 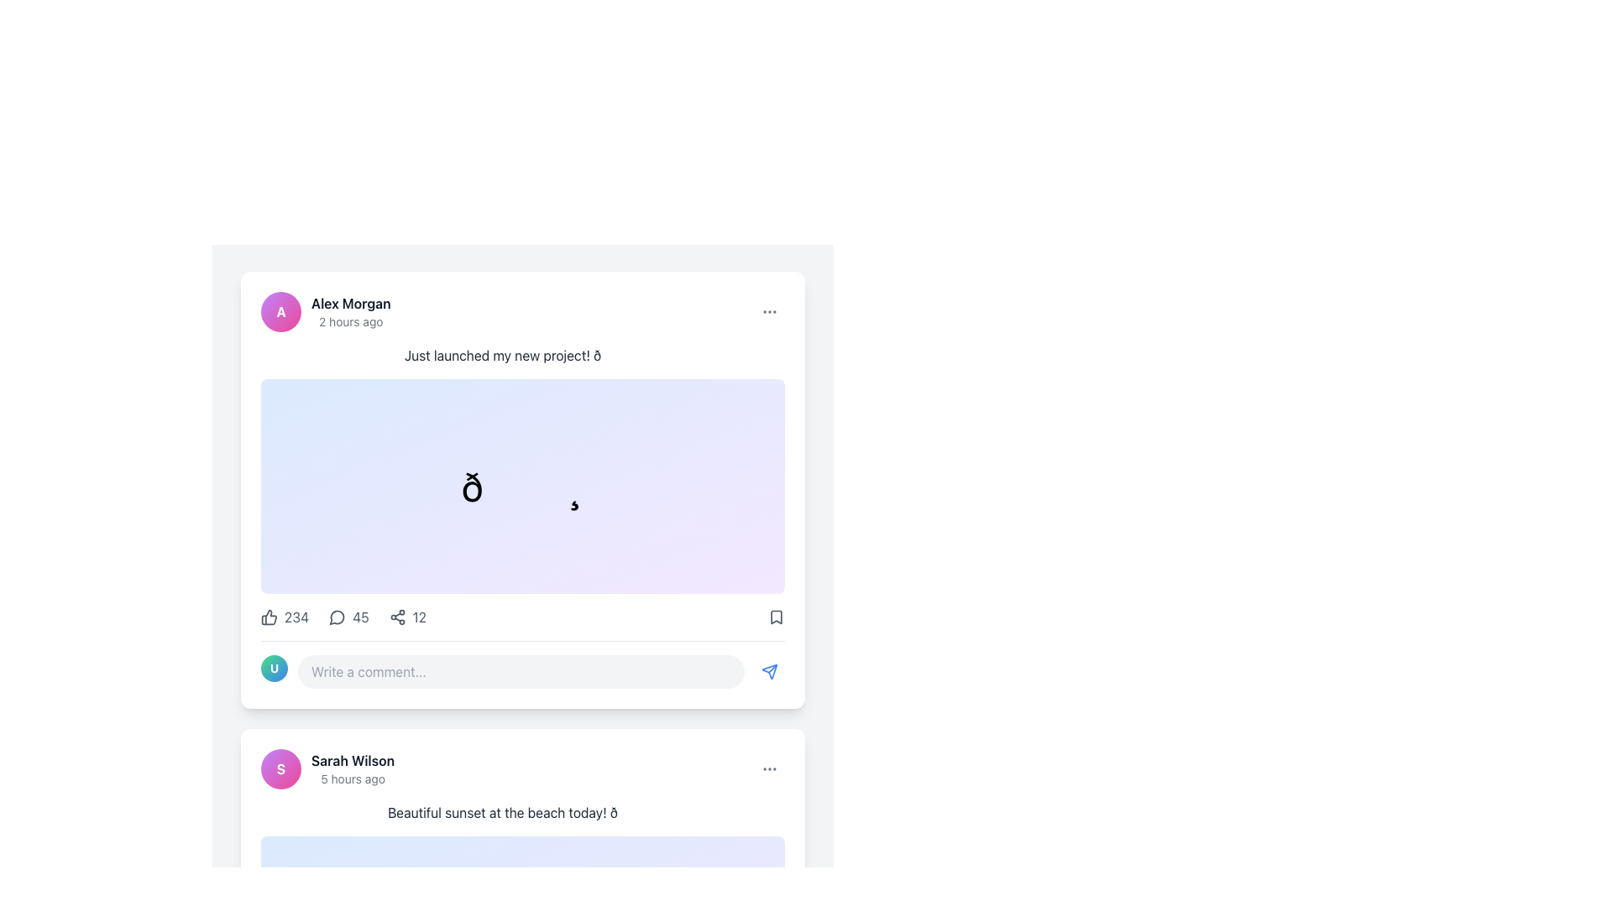 What do you see at coordinates (336, 617) in the screenshot?
I see `the circular chat bubble icon with an arrow pointing to the bottom-left, located second from the left in the row of interaction buttons below the post by 'Alex Morgan'` at bounding box center [336, 617].